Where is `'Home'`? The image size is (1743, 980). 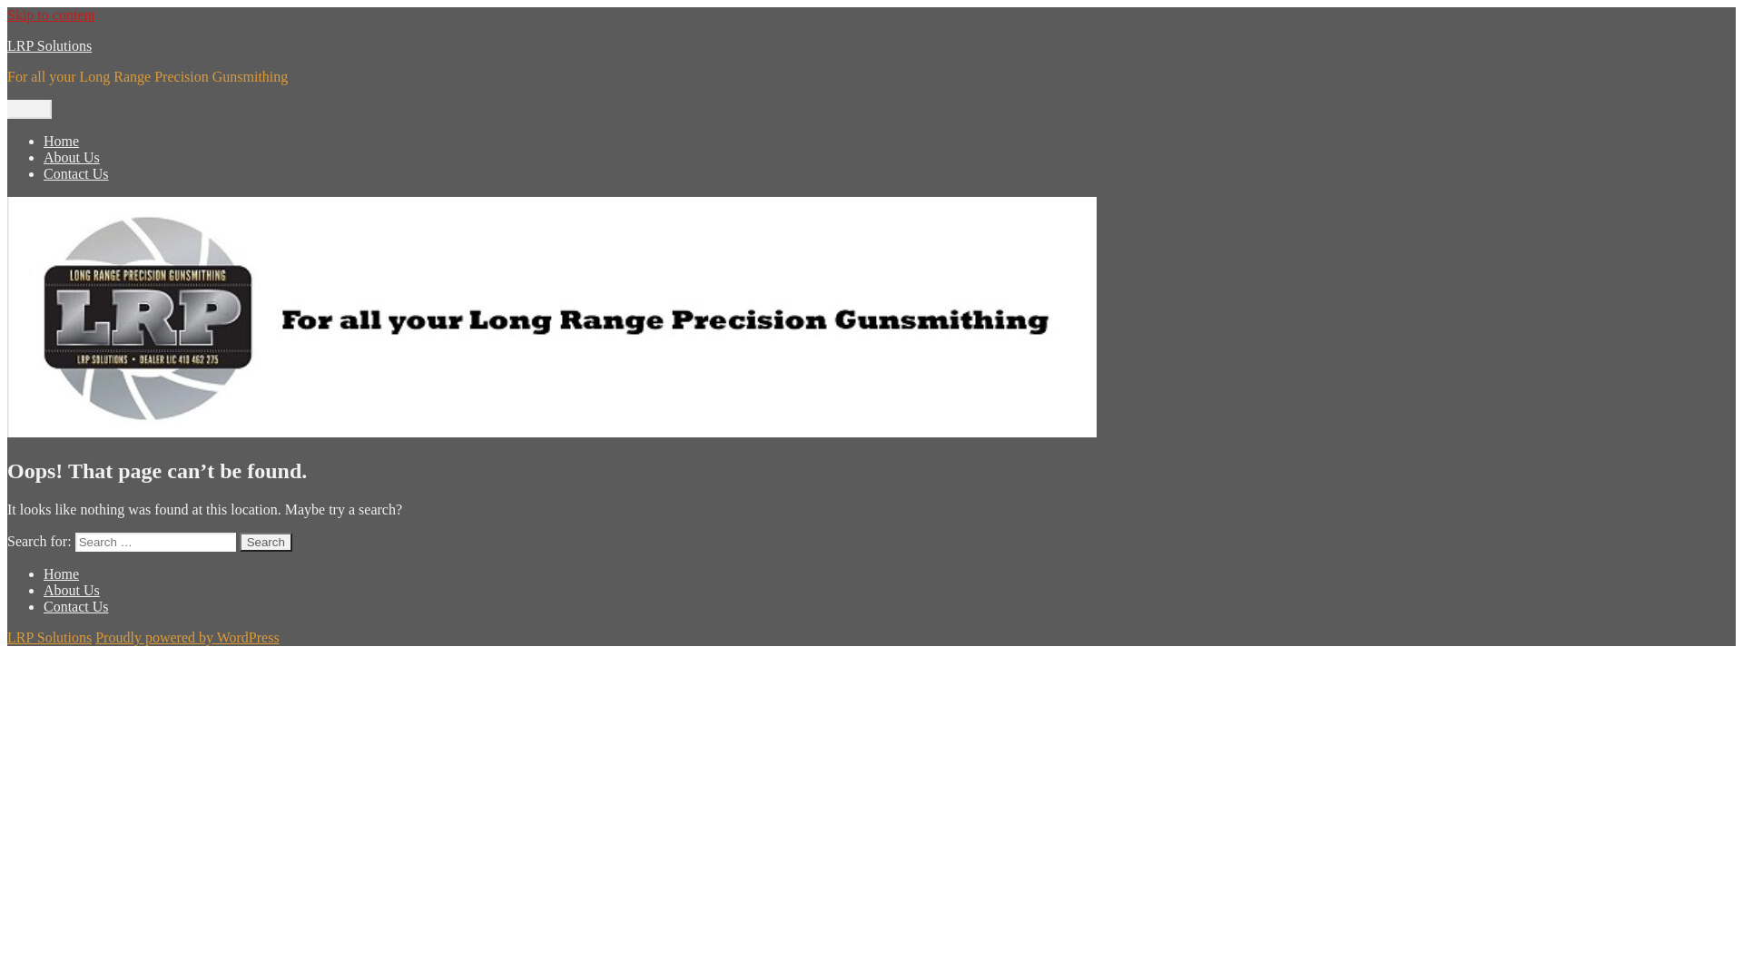 'Home' is located at coordinates (44, 573).